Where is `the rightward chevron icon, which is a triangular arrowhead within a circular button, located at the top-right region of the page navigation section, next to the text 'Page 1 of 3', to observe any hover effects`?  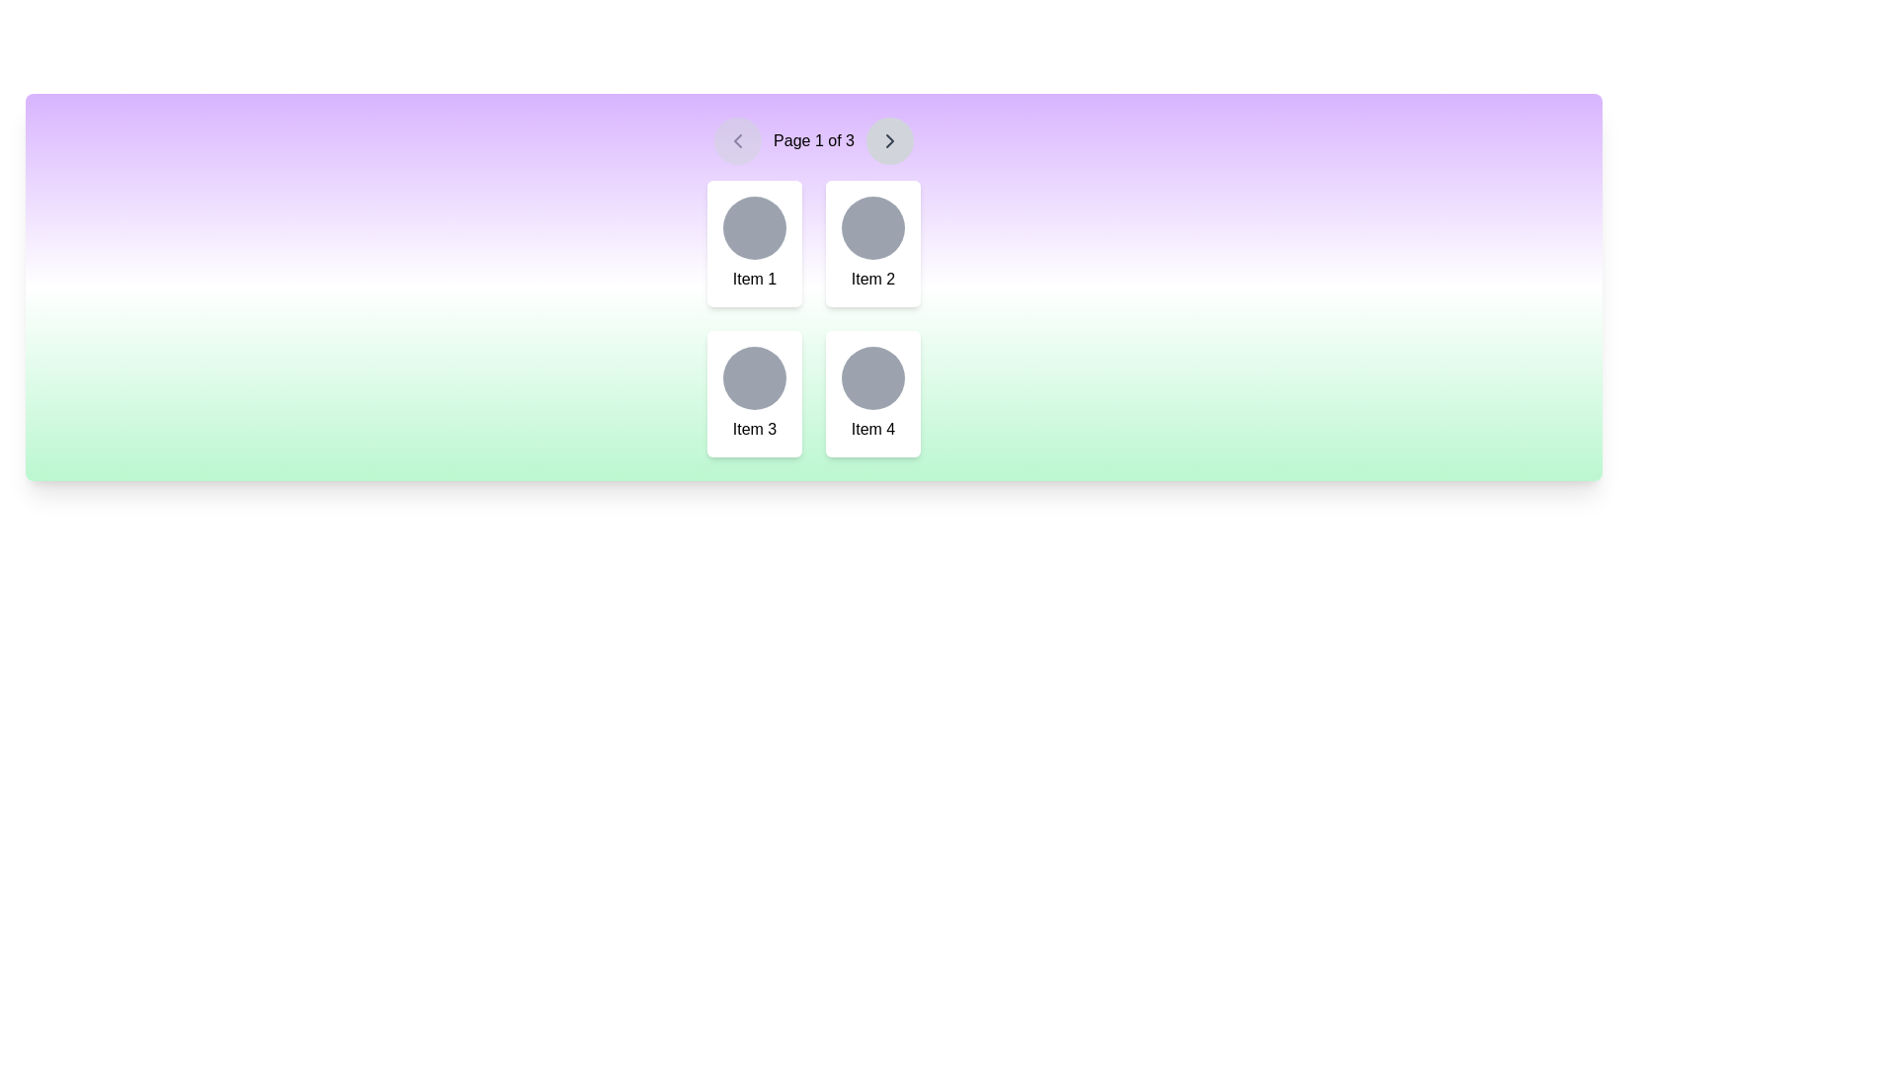
the rightward chevron icon, which is a triangular arrowhead within a circular button, located at the top-right region of the page navigation section, next to the text 'Page 1 of 3', to observe any hover effects is located at coordinates (888, 139).